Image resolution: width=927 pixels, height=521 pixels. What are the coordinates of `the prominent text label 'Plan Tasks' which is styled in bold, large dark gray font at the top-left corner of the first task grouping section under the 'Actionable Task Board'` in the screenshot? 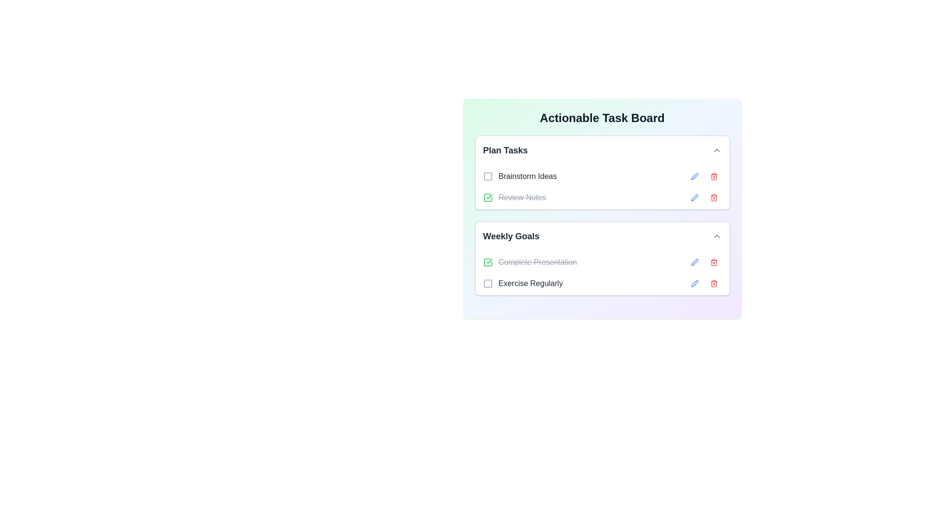 It's located at (505, 151).